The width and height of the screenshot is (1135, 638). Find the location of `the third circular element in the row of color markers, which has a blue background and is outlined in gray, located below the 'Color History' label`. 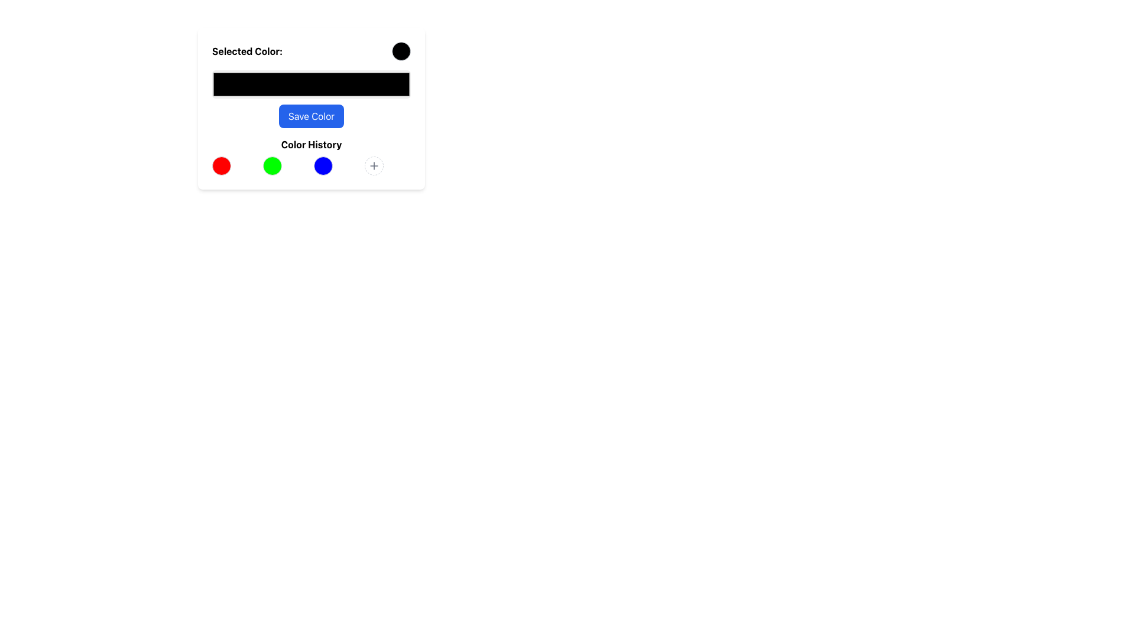

the third circular element in the row of color markers, which has a blue background and is outlined in gray, located below the 'Color History' label is located at coordinates (323, 166).